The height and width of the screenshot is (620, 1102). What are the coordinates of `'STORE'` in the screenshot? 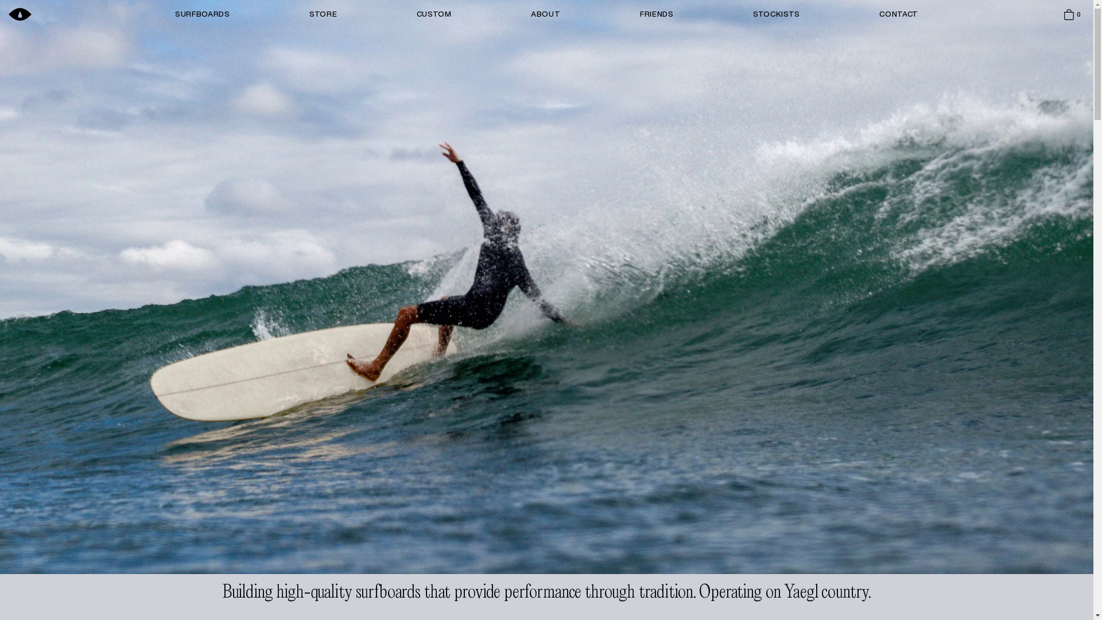 It's located at (322, 14).